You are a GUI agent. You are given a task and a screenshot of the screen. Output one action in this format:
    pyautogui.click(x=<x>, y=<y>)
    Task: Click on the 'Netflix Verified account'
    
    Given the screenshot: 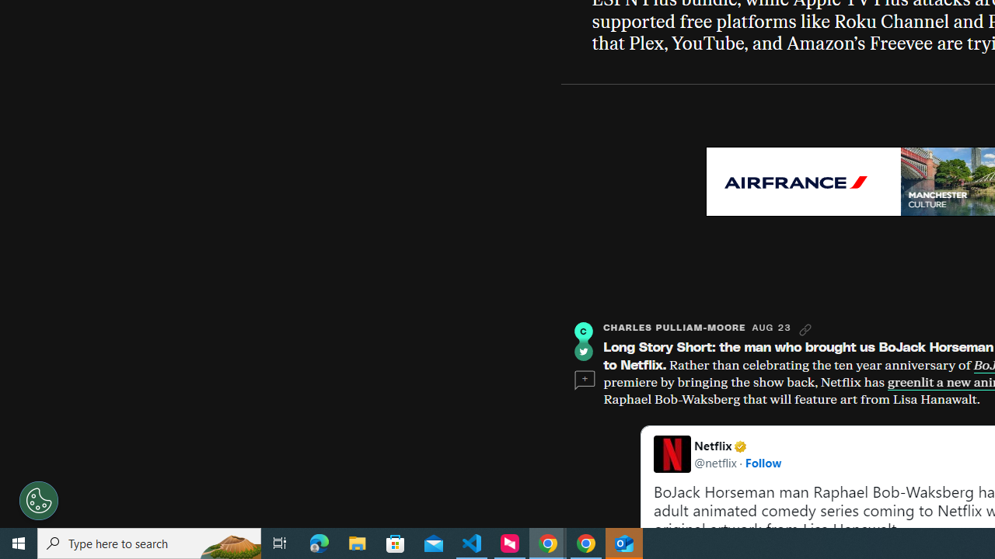 What is the action you would take?
    pyautogui.click(x=737, y=446)
    